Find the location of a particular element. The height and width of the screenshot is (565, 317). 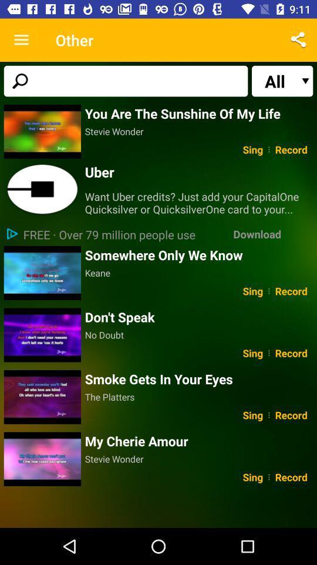

item above stevie wonder  item is located at coordinates (198, 440).